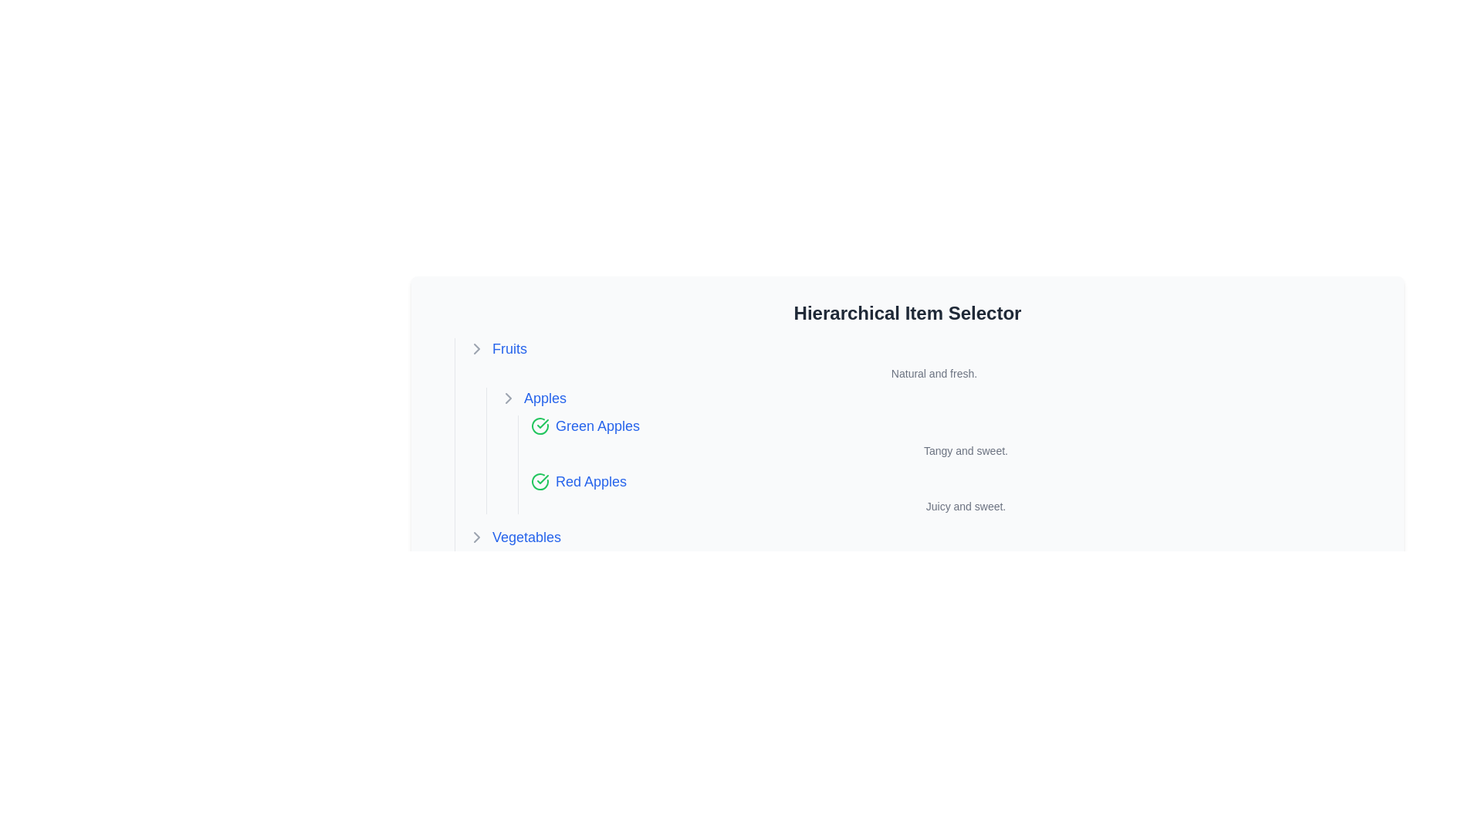 This screenshot has width=1482, height=834. What do you see at coordinates (954, 506) in the screenshot?
I see `the text label that reads 'Juicy and sweet.' which is styled in a small gray font and positioned directly beneath 'Red Apples.'` at bounding box center [954, 506].